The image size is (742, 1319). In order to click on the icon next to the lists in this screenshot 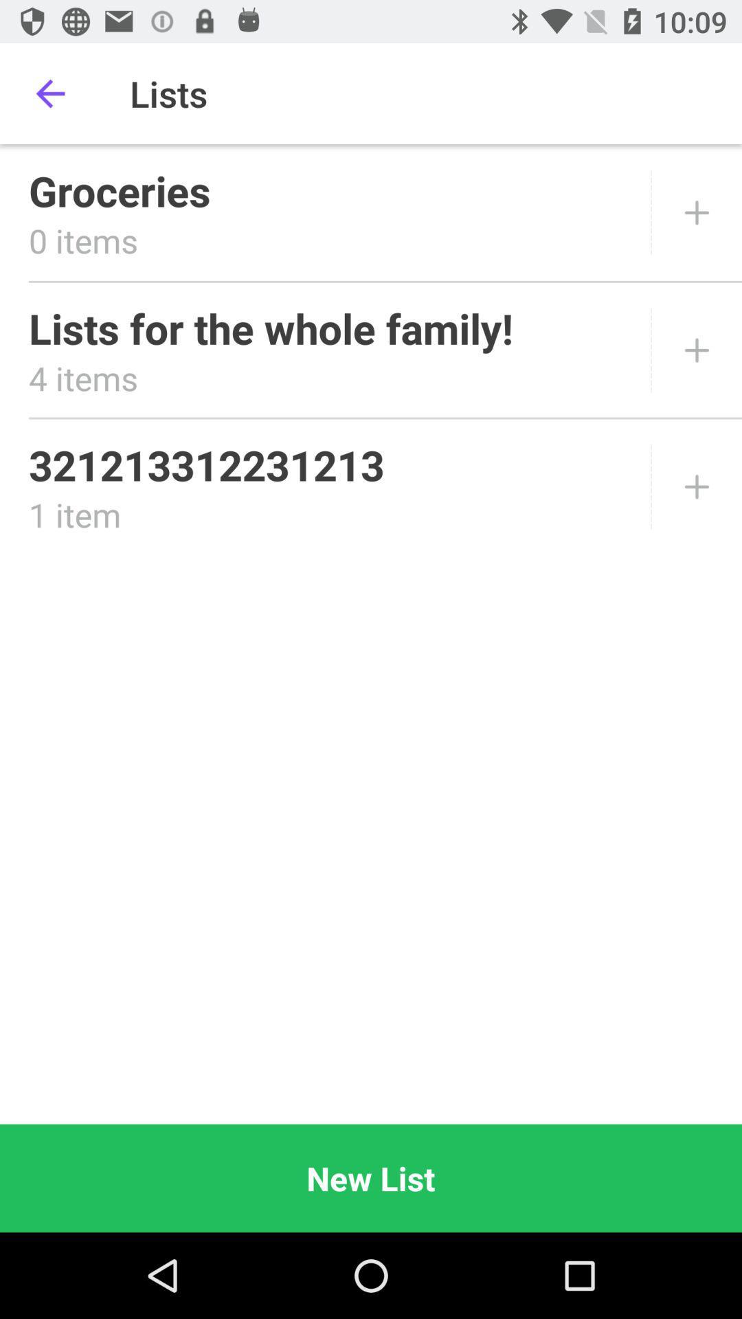, I will do `click(49, 93)`.